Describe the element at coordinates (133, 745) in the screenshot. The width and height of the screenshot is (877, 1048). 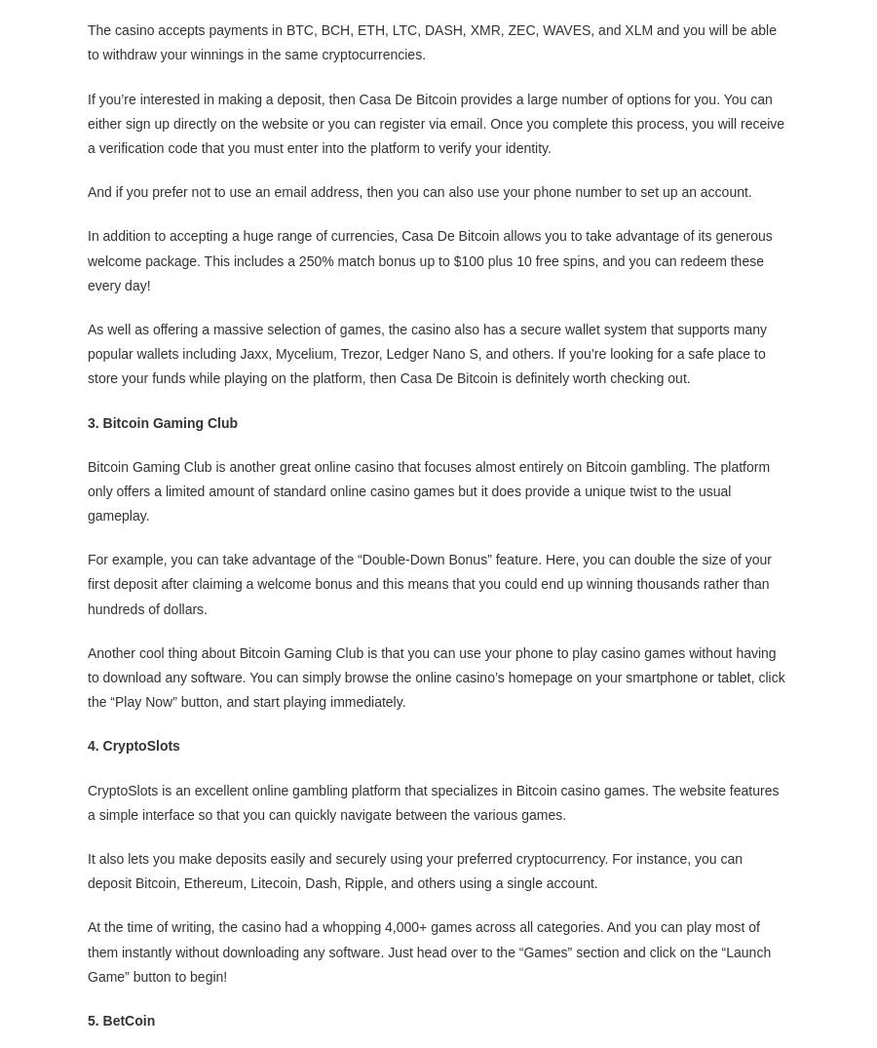
I see `'4. CryptoSlots'` at that location.